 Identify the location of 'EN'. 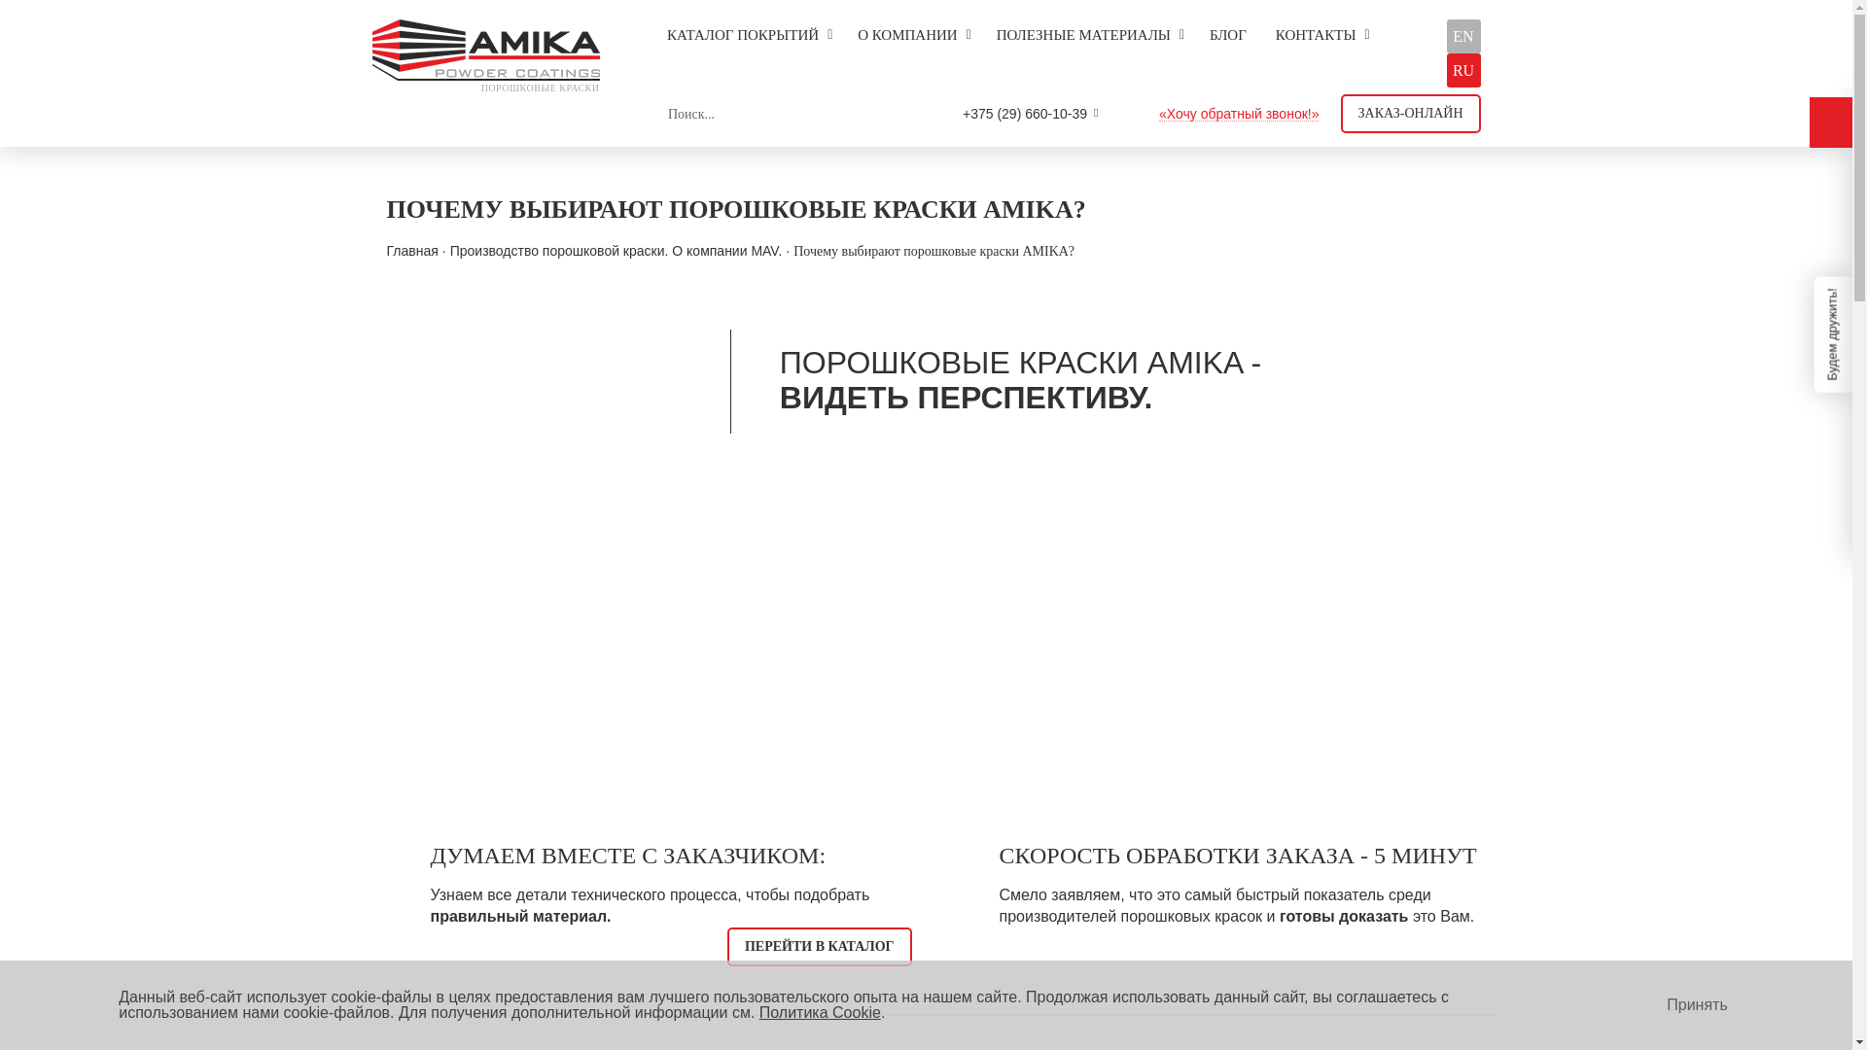
(1463, 36).